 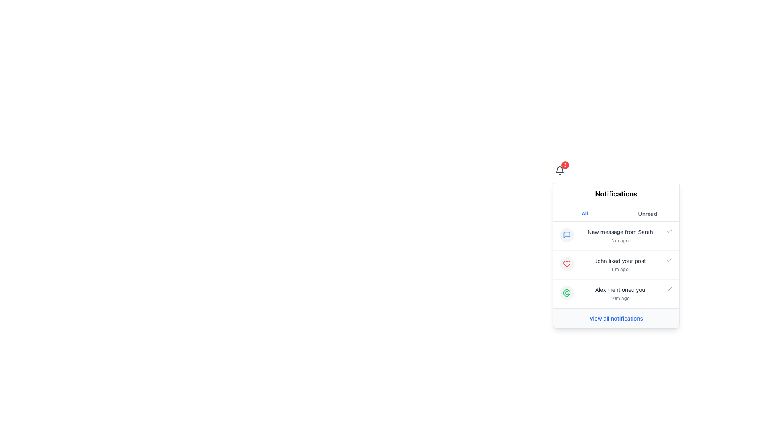 I want to click on the notification message indicating that user John interacted with the post, located below the 'New message from Sarah' and above 'Alex mentioned you', so click(x=620, y=261).